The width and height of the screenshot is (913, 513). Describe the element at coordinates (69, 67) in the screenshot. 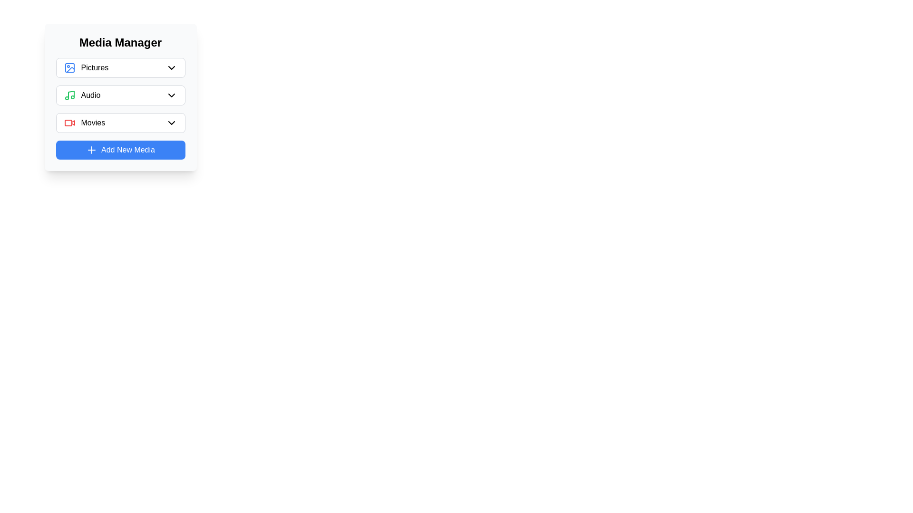

I see `the 'Pictures' category icon in the media manager interface, which is located to the left of the 'Pictures' label` at that location.